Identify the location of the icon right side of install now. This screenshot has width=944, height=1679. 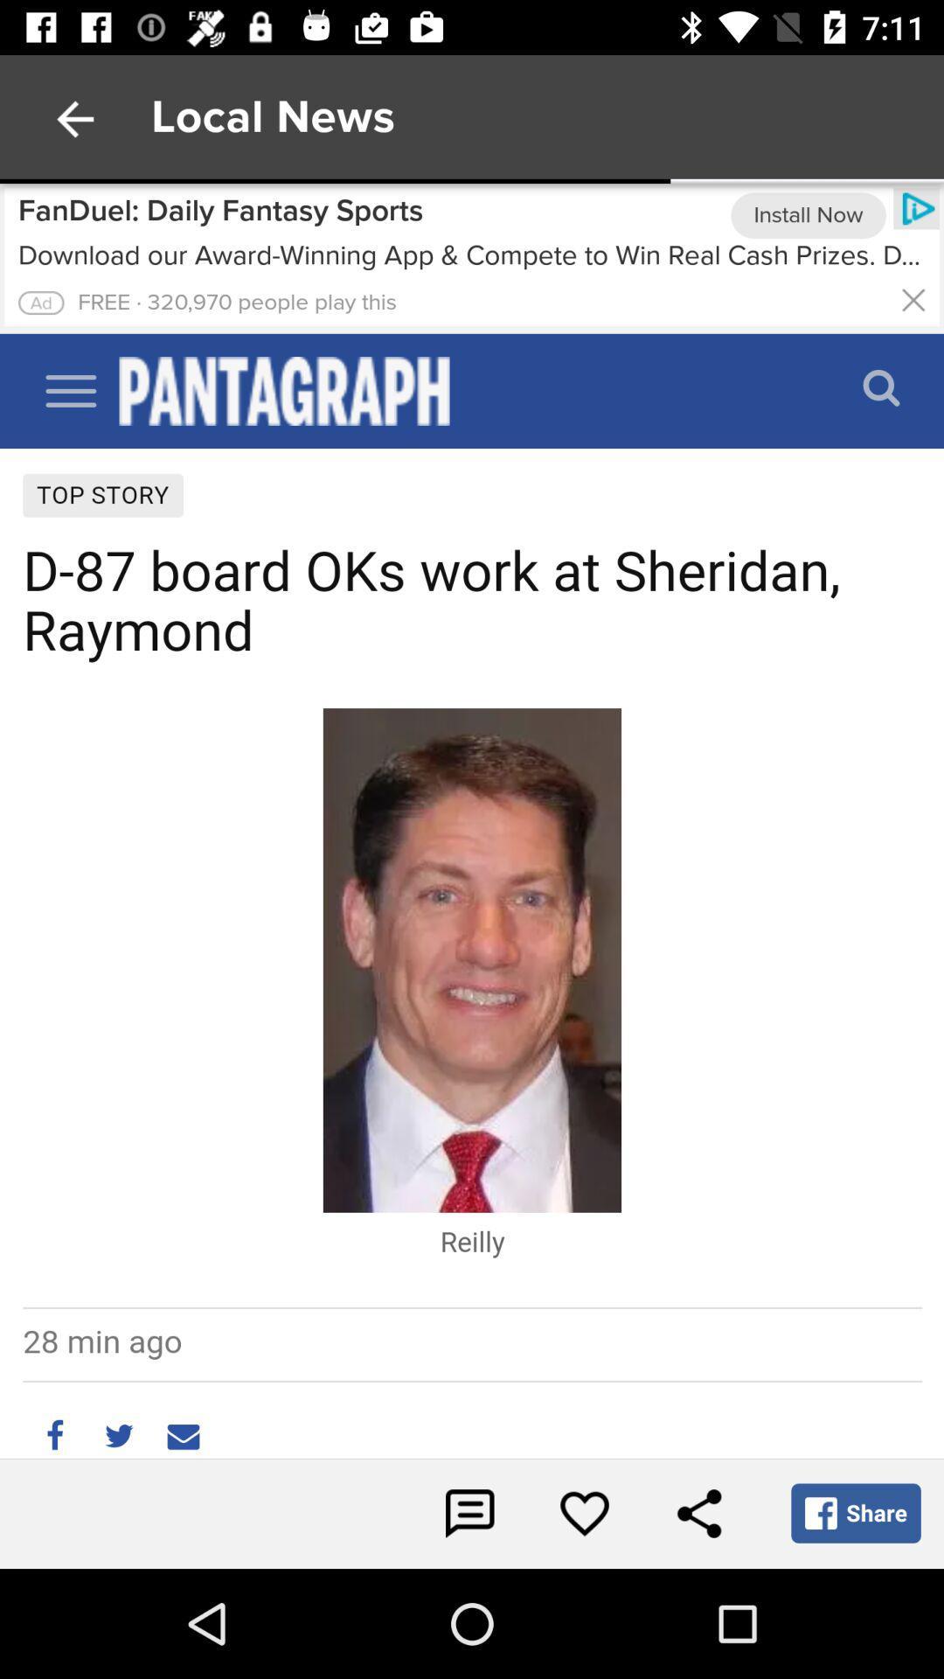
(918, 209).